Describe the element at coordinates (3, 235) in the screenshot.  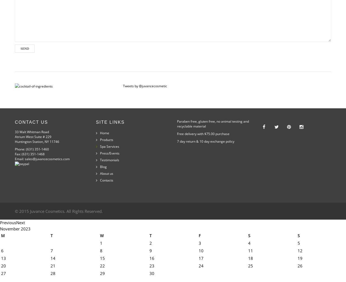
I see `'M'` at that location.